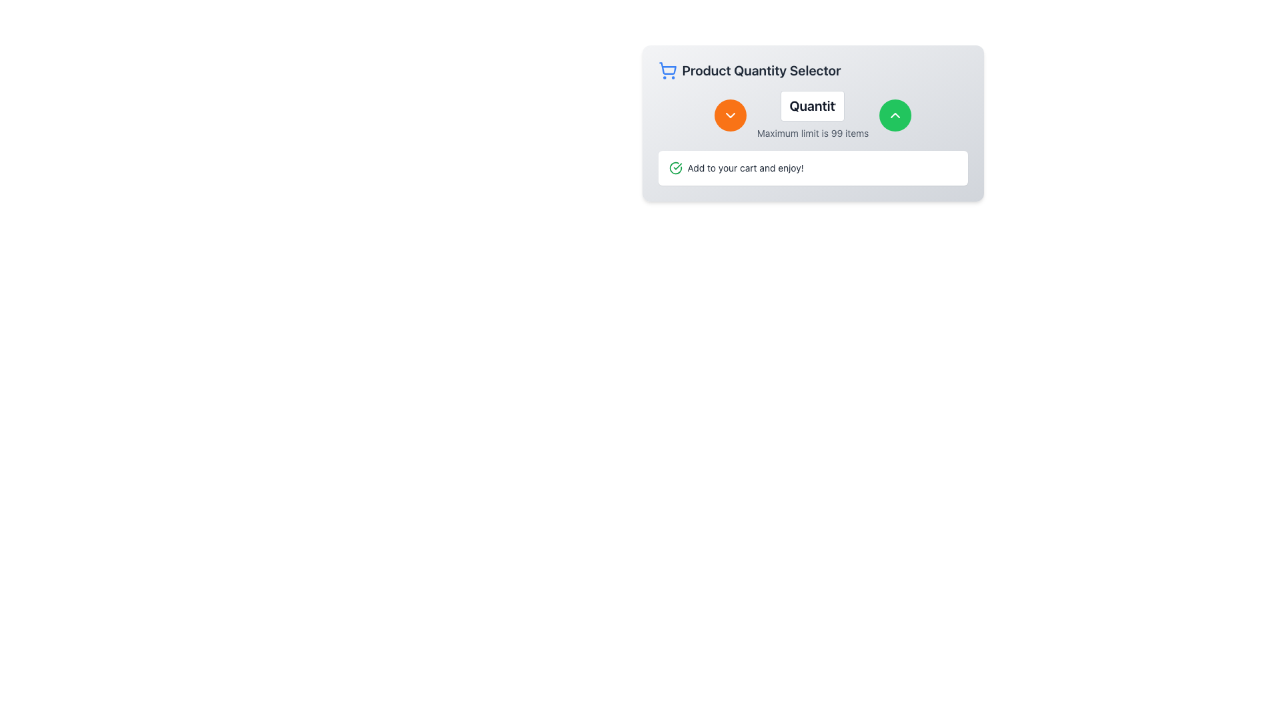  I want to click on the circular icon button that decreases quantity, located to the left of the text input field labeled 'Quantit', so click(729, 115).